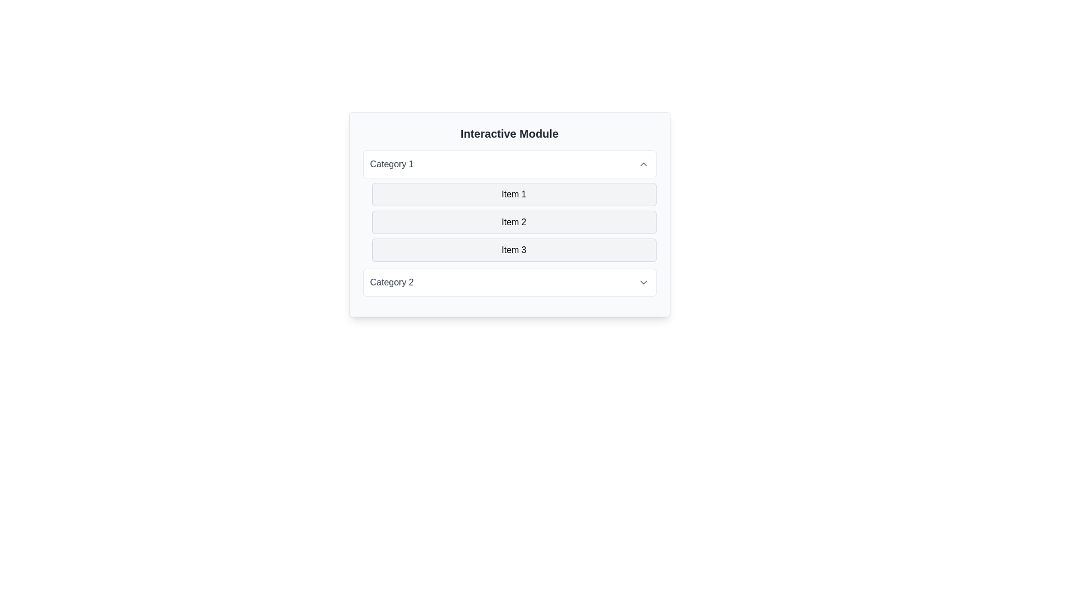 Image resolution: width=1071 pixels, height=602 pixels. What do you see at coordinates (513, 249) in the screenshot?
I see `the static text label displaying 'Item 3', which is the third item in a vertical list located under 'Item 2'` at bounding box center [513, 249].